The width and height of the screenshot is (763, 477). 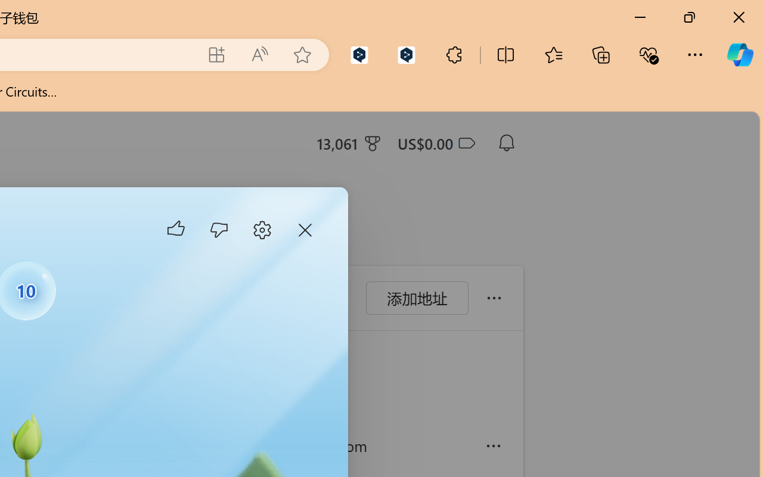 What do you see at coordinates (739, 54) in the screenshot?
I see `'Copilot (Ctrl+Shift+.)'` at bounding box center [739, 54].